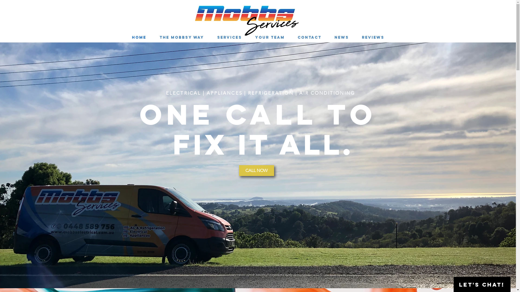  I want to click on 'SERVICES', so click(230, 37).